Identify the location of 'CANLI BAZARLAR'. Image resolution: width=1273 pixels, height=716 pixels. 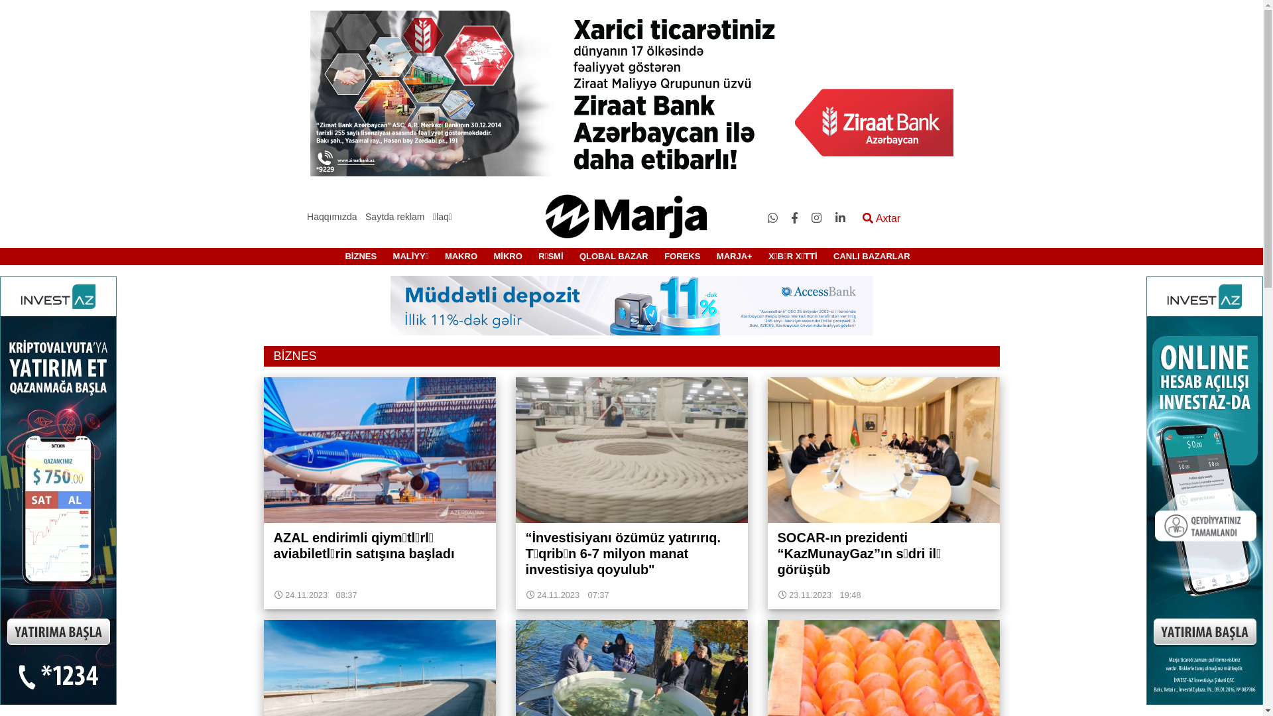
(872, 256).